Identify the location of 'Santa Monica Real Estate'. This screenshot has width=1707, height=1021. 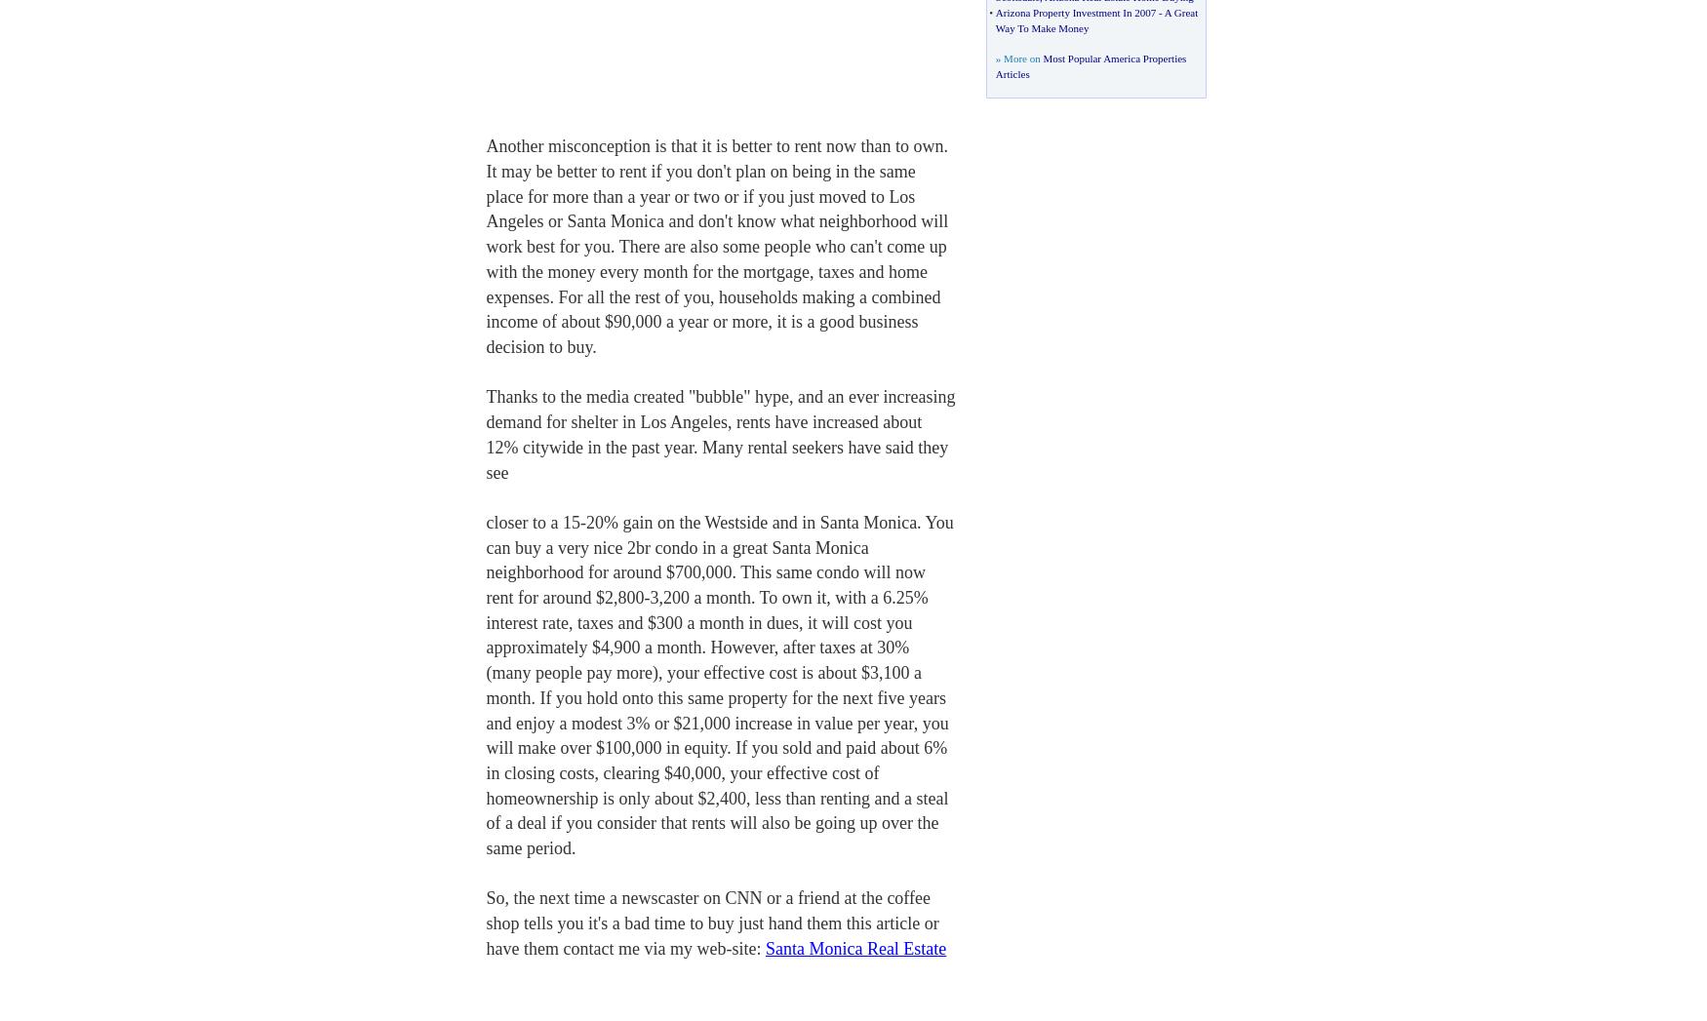
(853, 947).